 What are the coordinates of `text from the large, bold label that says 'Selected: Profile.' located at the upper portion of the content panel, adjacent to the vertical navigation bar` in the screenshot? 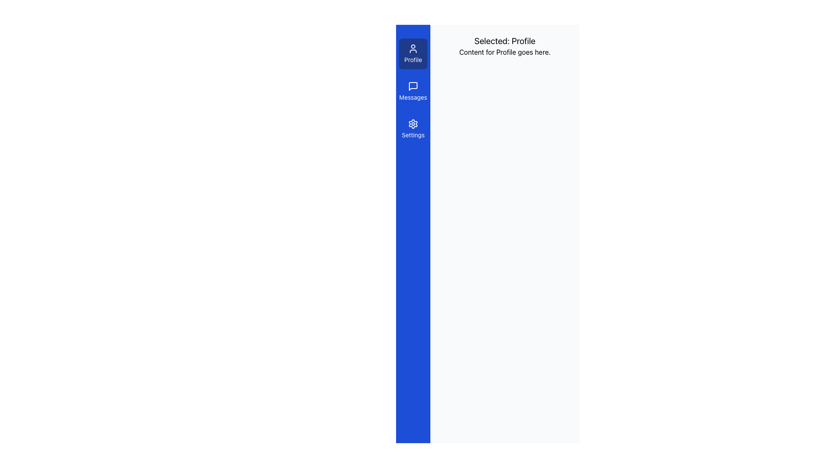 It's located at (505, 41).